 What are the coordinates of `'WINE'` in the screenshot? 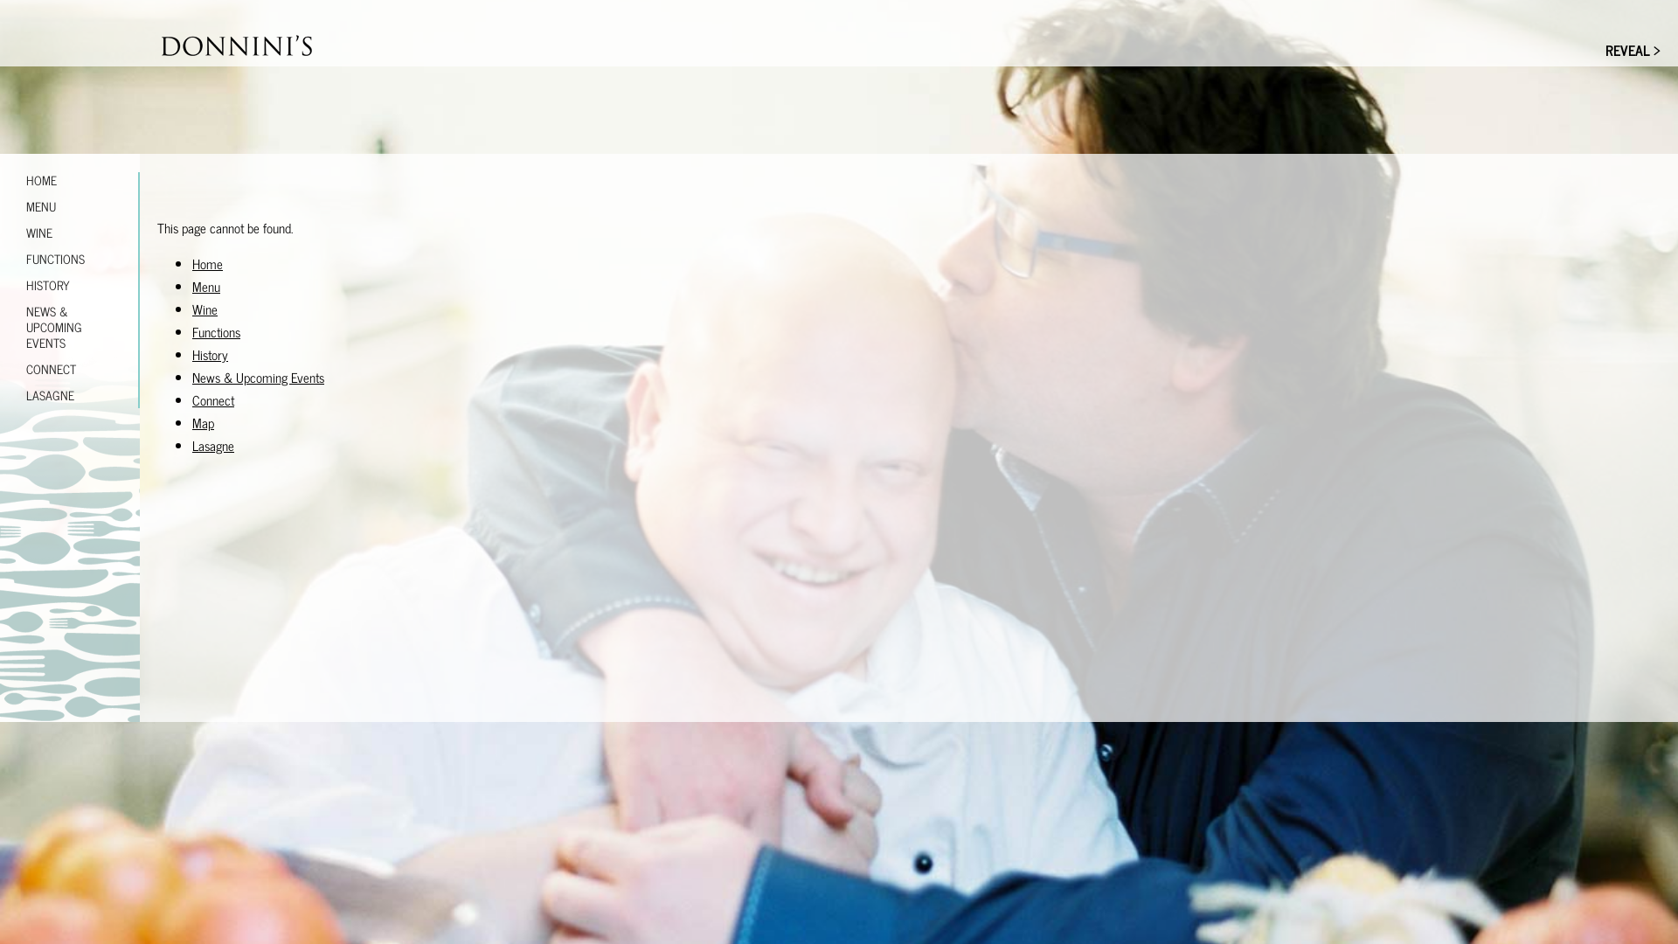 It's located at (0, 232).